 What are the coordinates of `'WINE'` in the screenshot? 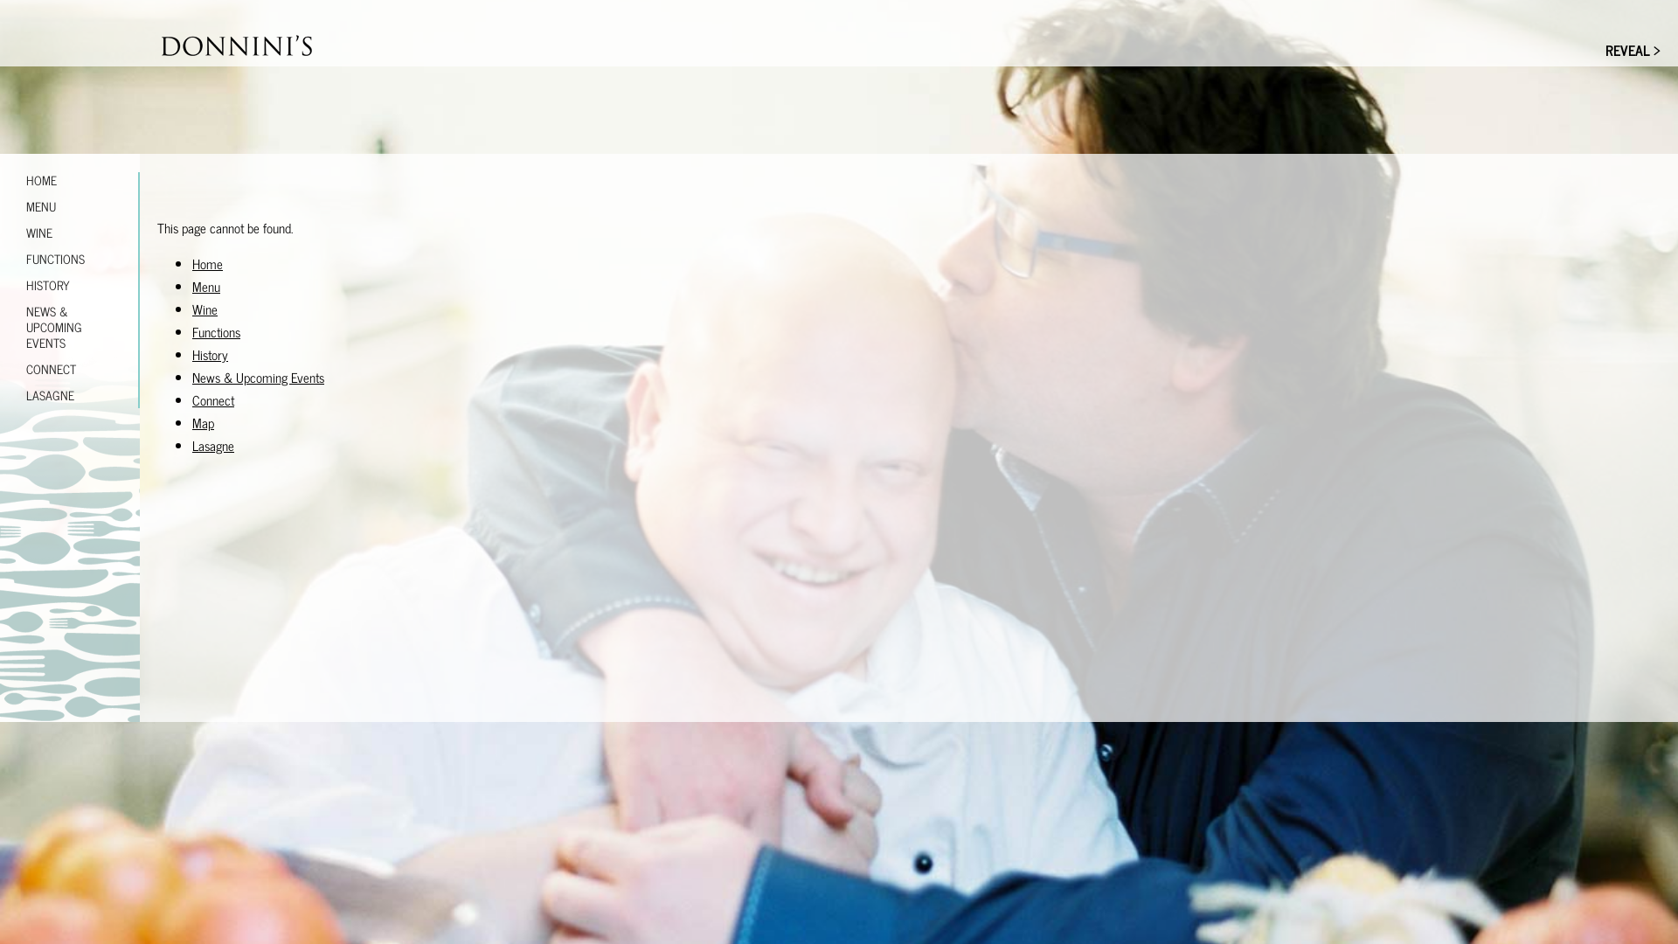 It's located at (0, 232).